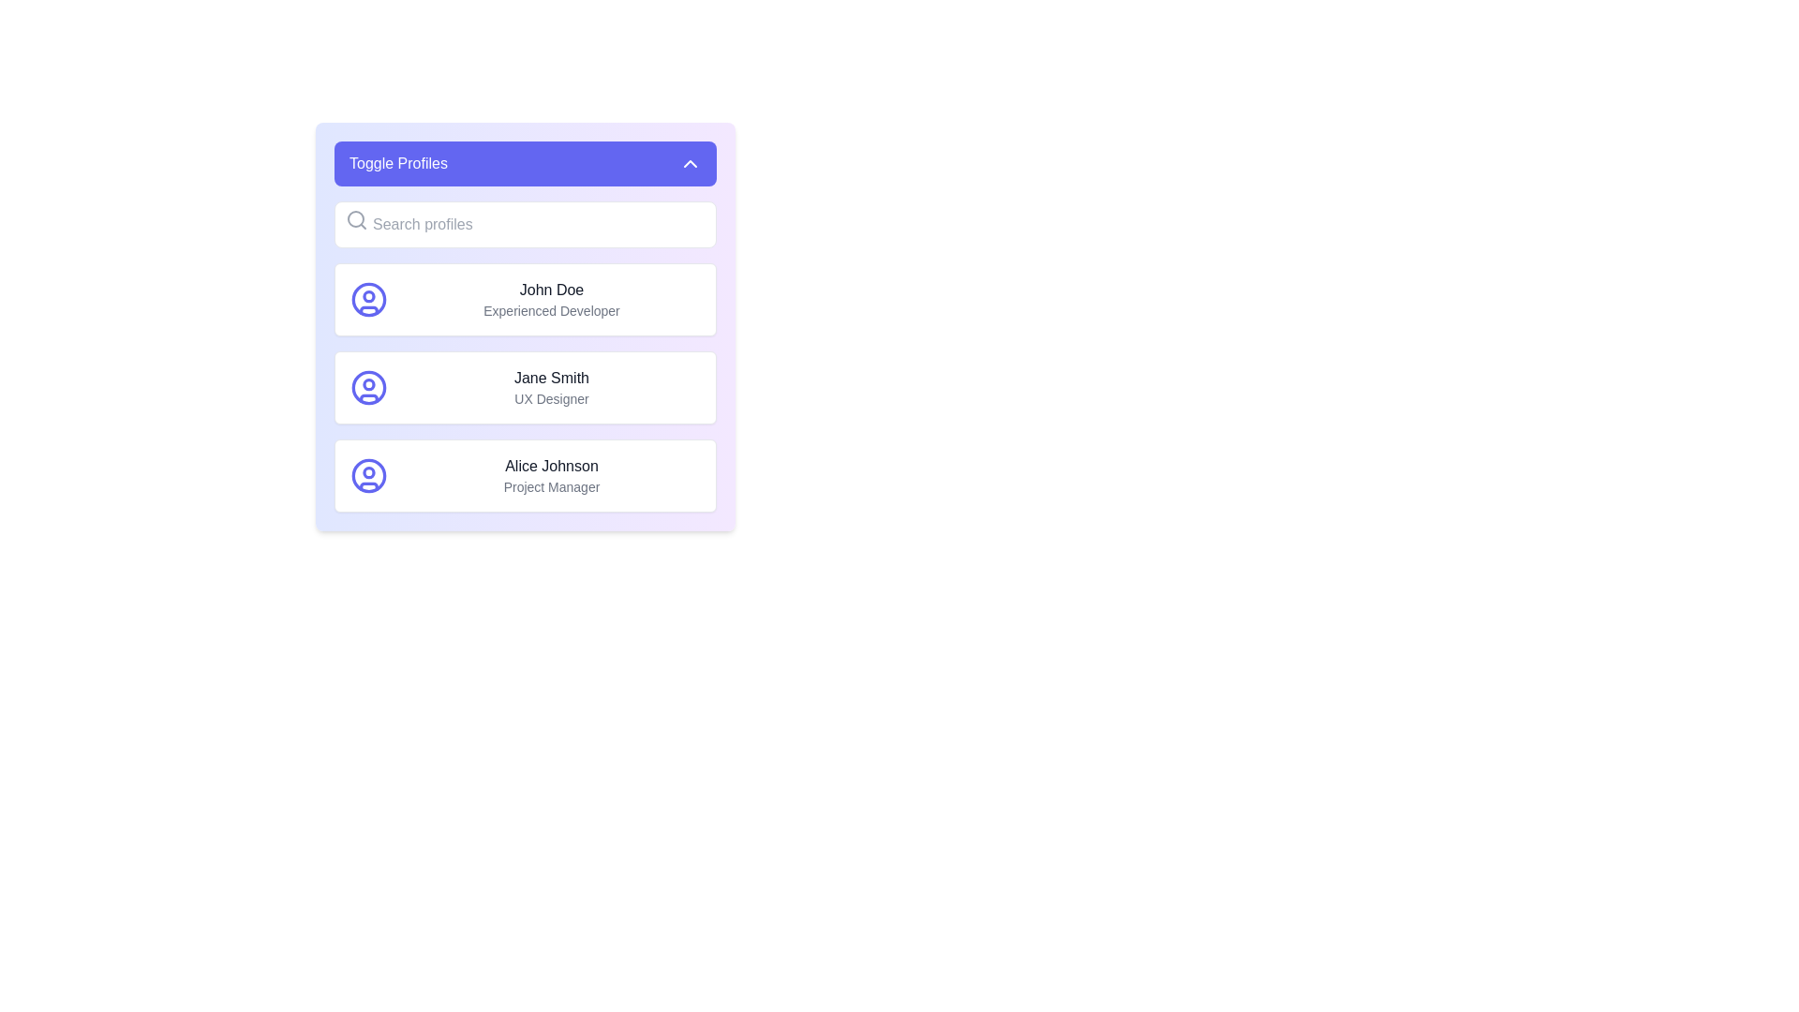  What do you see at coordinates (551, 397) in the screenshot?
I see `the text label that describes the role or occupation of 'Jane Smith', located in the middle profile card within a list of three cards, positioned below the name 'Jane Smith' and above a horizontal spacing` at bounding box center [551, 397].